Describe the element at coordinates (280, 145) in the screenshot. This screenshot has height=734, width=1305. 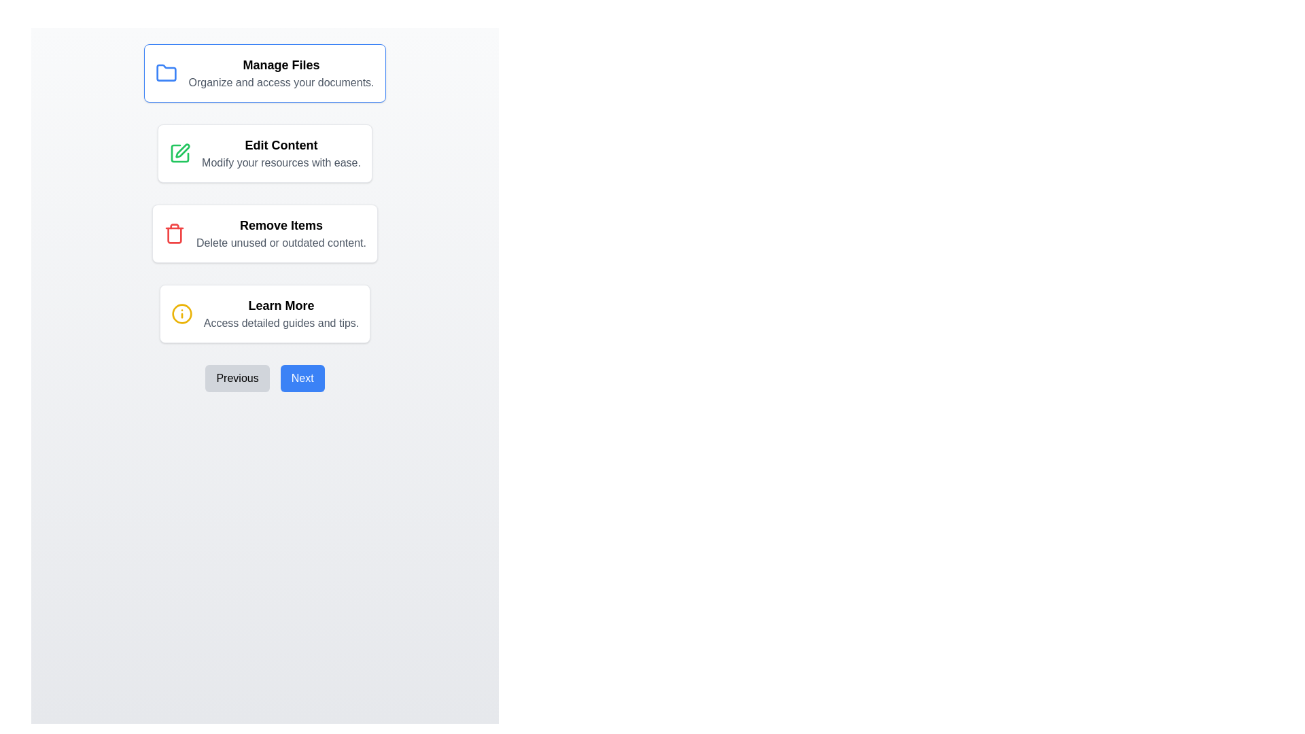
I see `the Text Label that serves as a title for the editing section to associate it with its related actions` at that location.